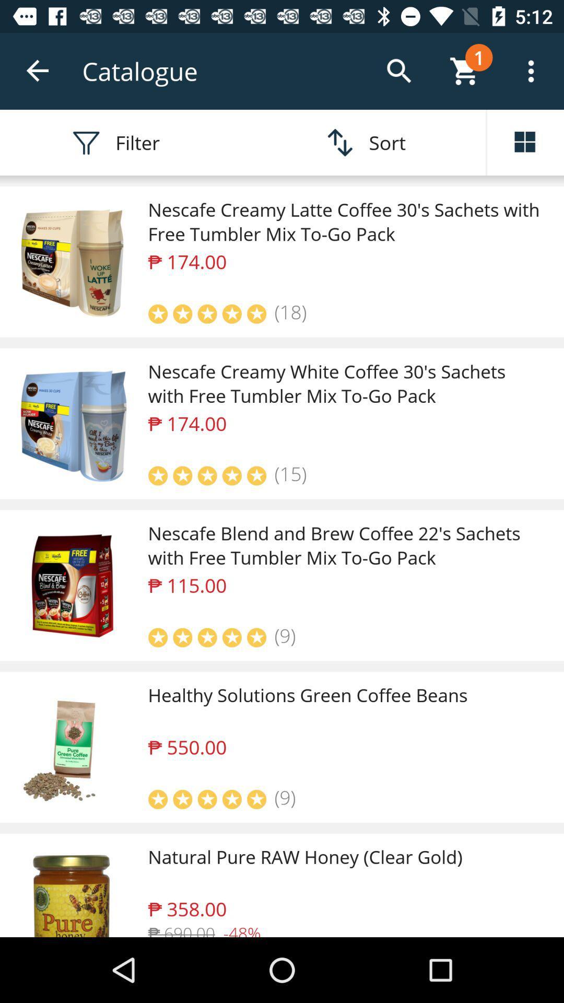 This screenshot has width=564, height=1003. Describe the element at coordinates (525, 142) in the screenshot. I see `windows` at that location.